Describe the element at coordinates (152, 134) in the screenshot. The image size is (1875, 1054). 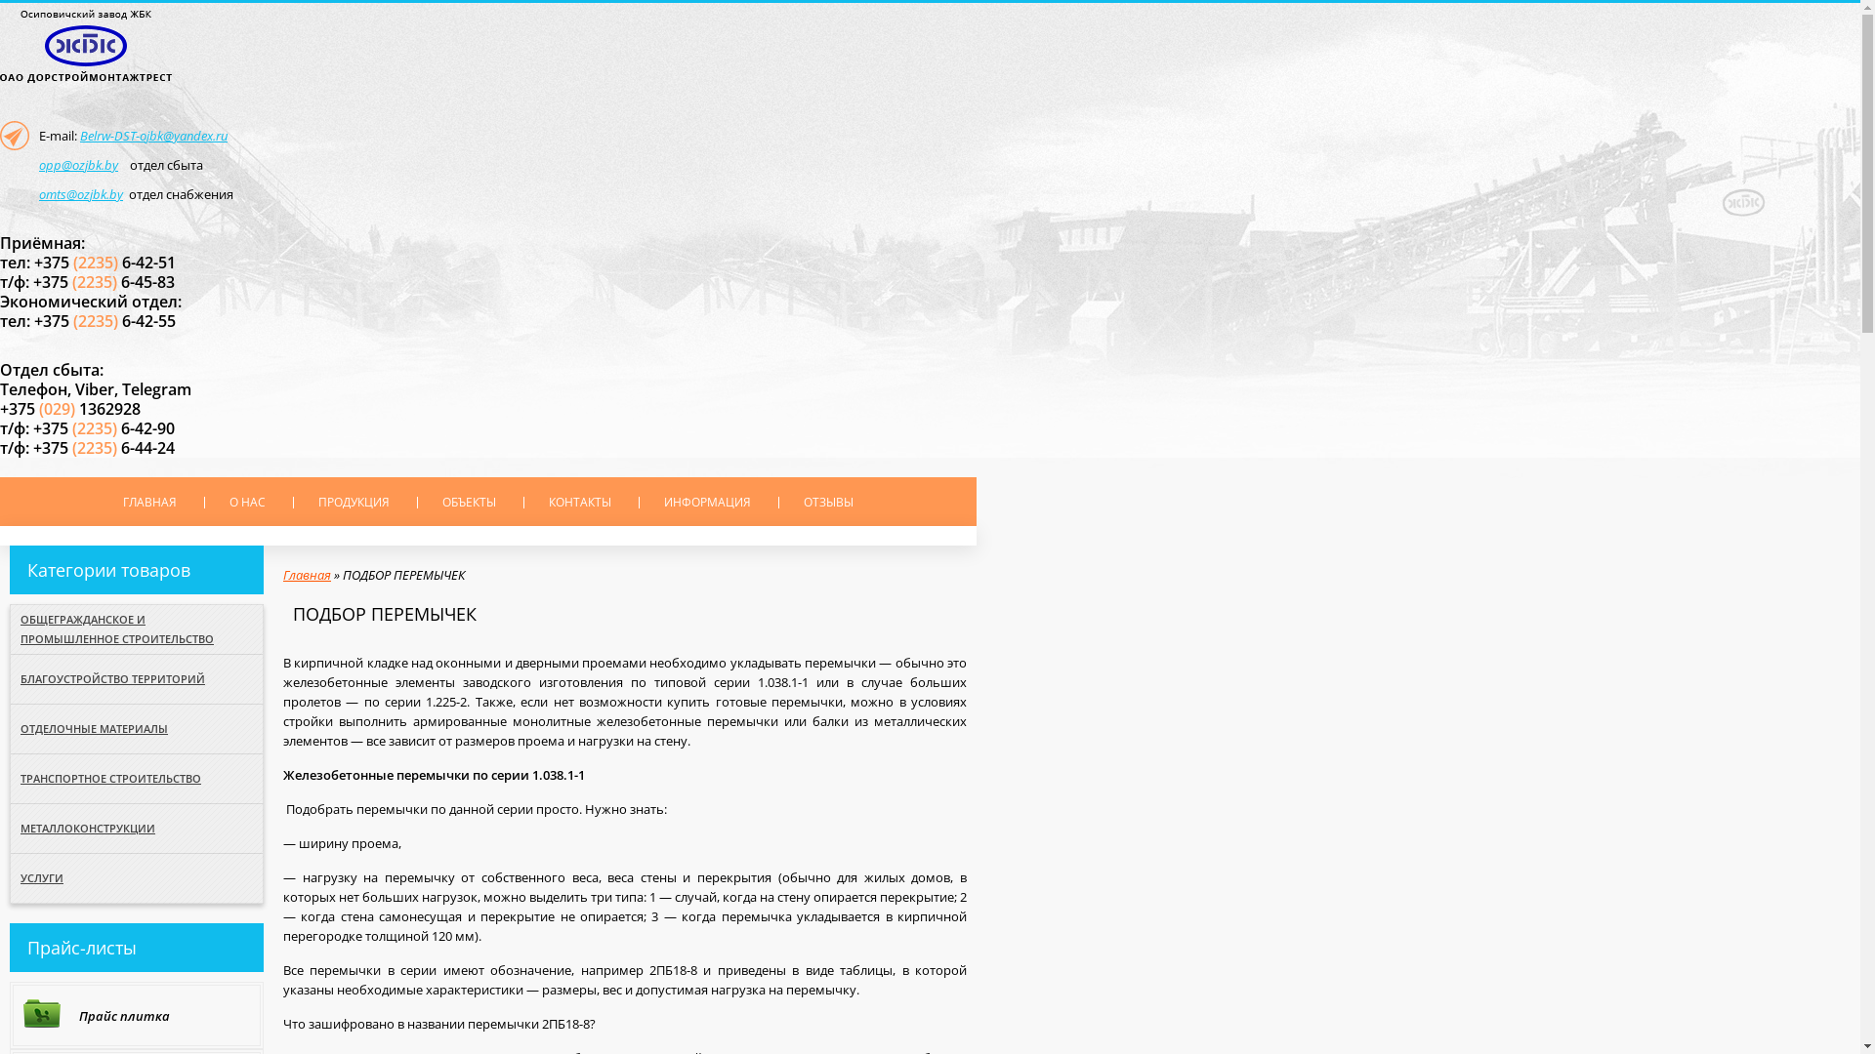
I see `'Belrw-DST-ojbk@yandex.ru'` at that location.